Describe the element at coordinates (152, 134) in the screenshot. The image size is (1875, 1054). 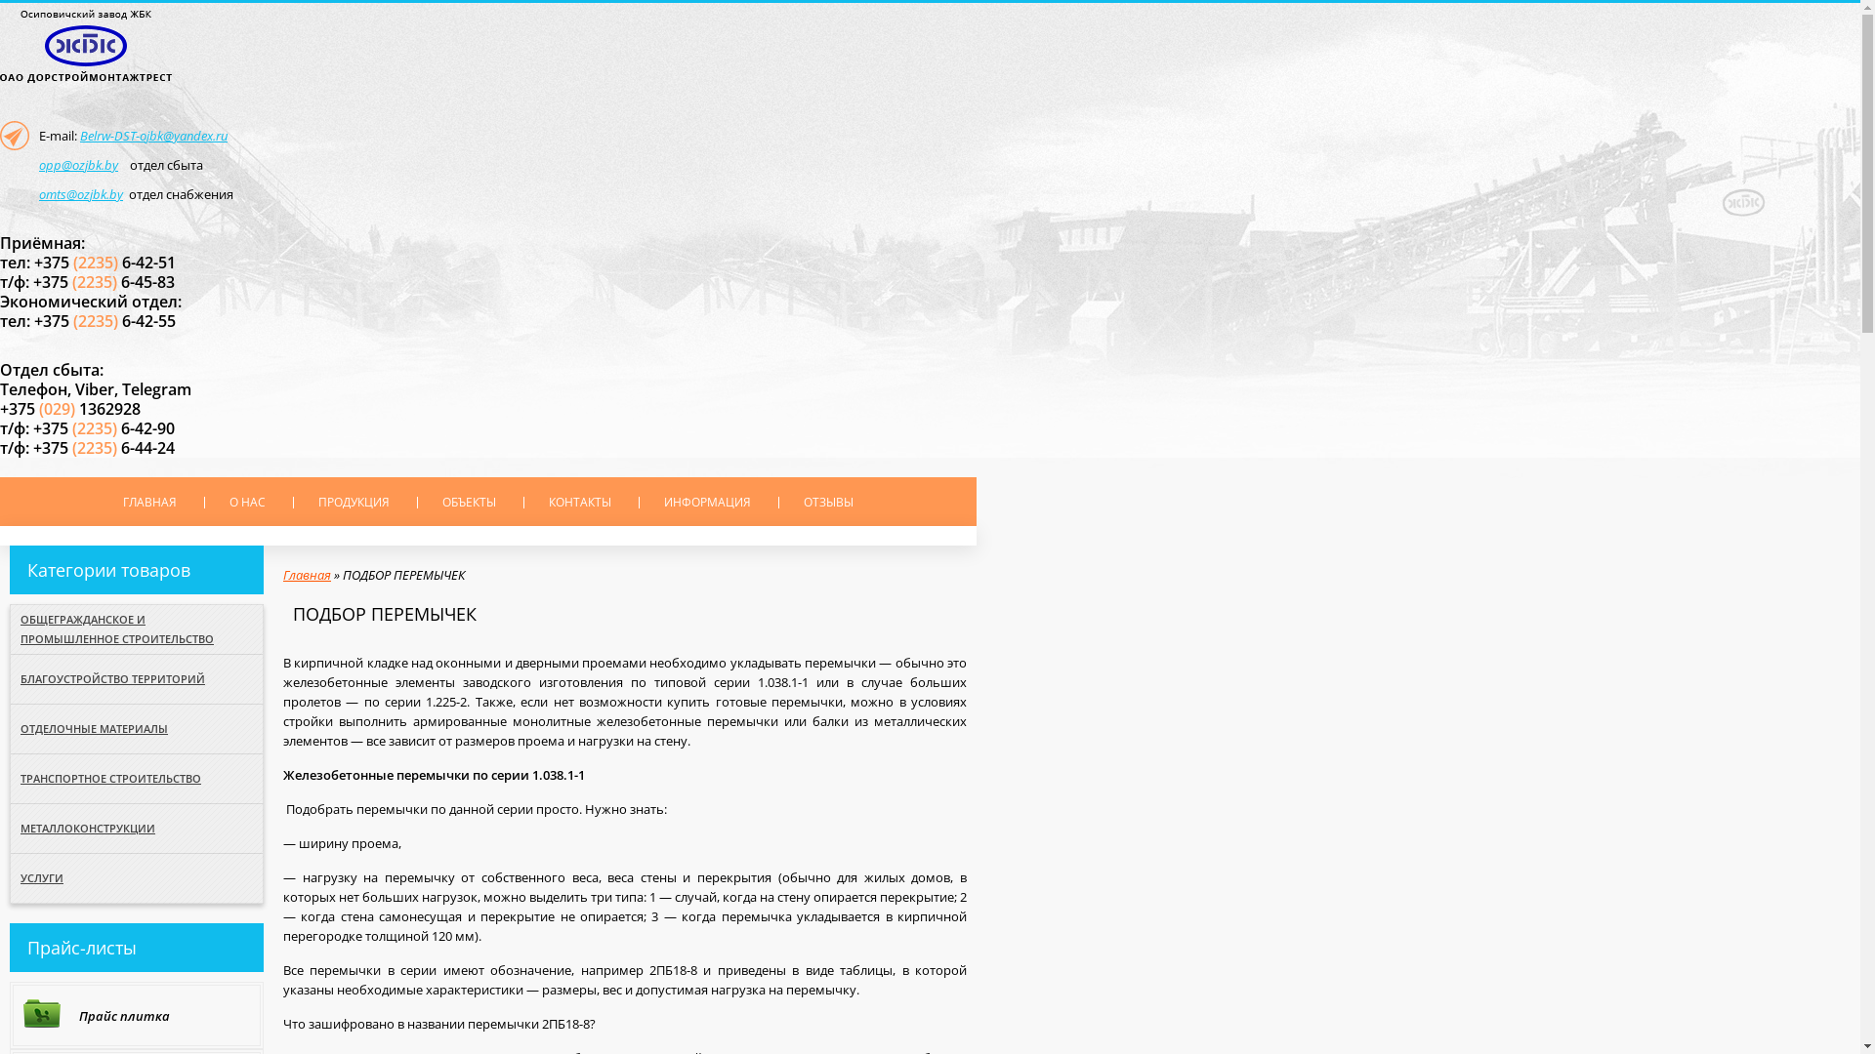
I see `'Belrw-DST-ojbk@yandex.ru'` at that location.